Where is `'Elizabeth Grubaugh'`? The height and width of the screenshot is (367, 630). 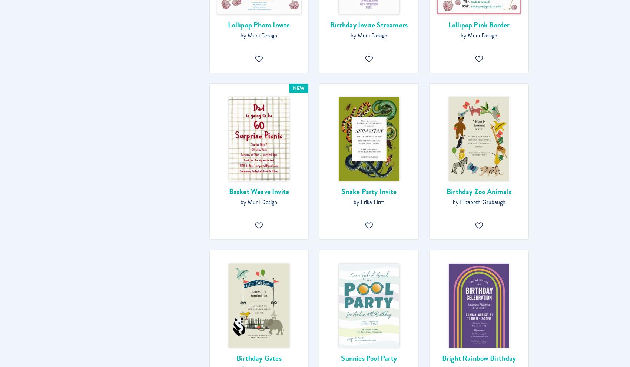
'Elizabeth Grubaugh' is located at coordinates (482, 202).